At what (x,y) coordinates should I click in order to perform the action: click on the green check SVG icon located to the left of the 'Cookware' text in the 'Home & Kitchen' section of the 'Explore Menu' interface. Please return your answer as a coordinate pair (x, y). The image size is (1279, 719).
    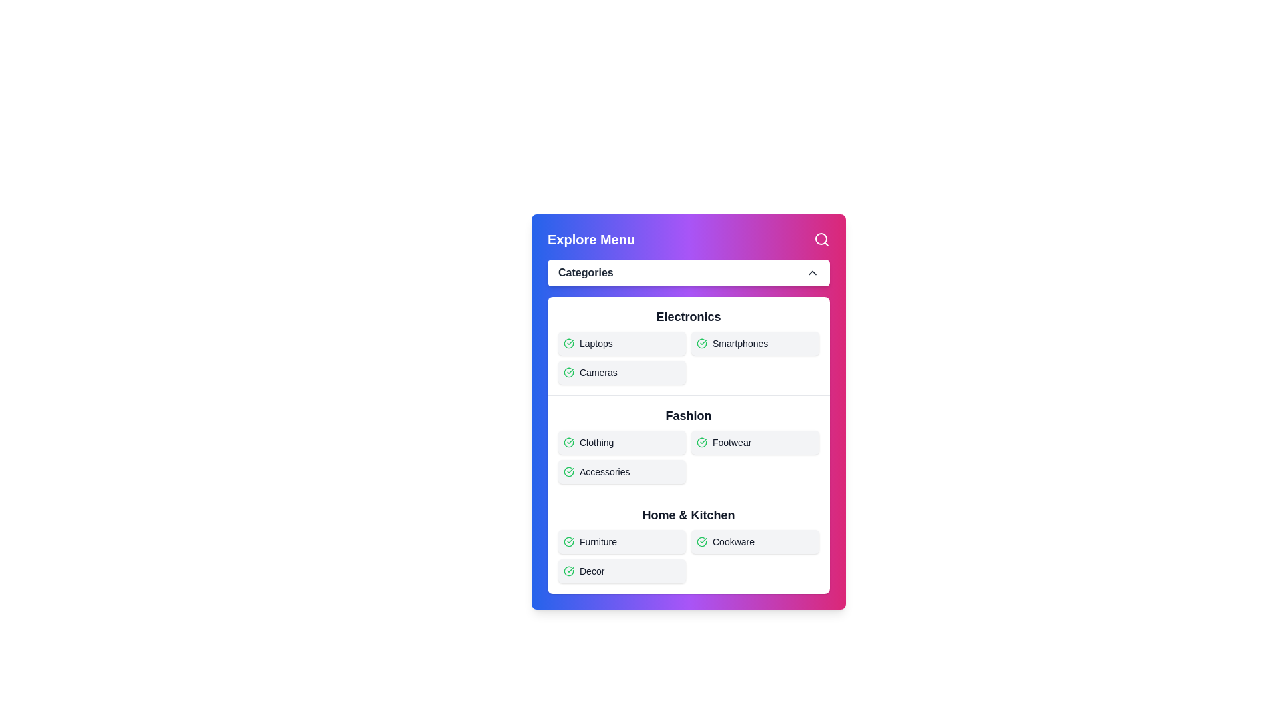
    Looking at the image, I should click on (701, 541).